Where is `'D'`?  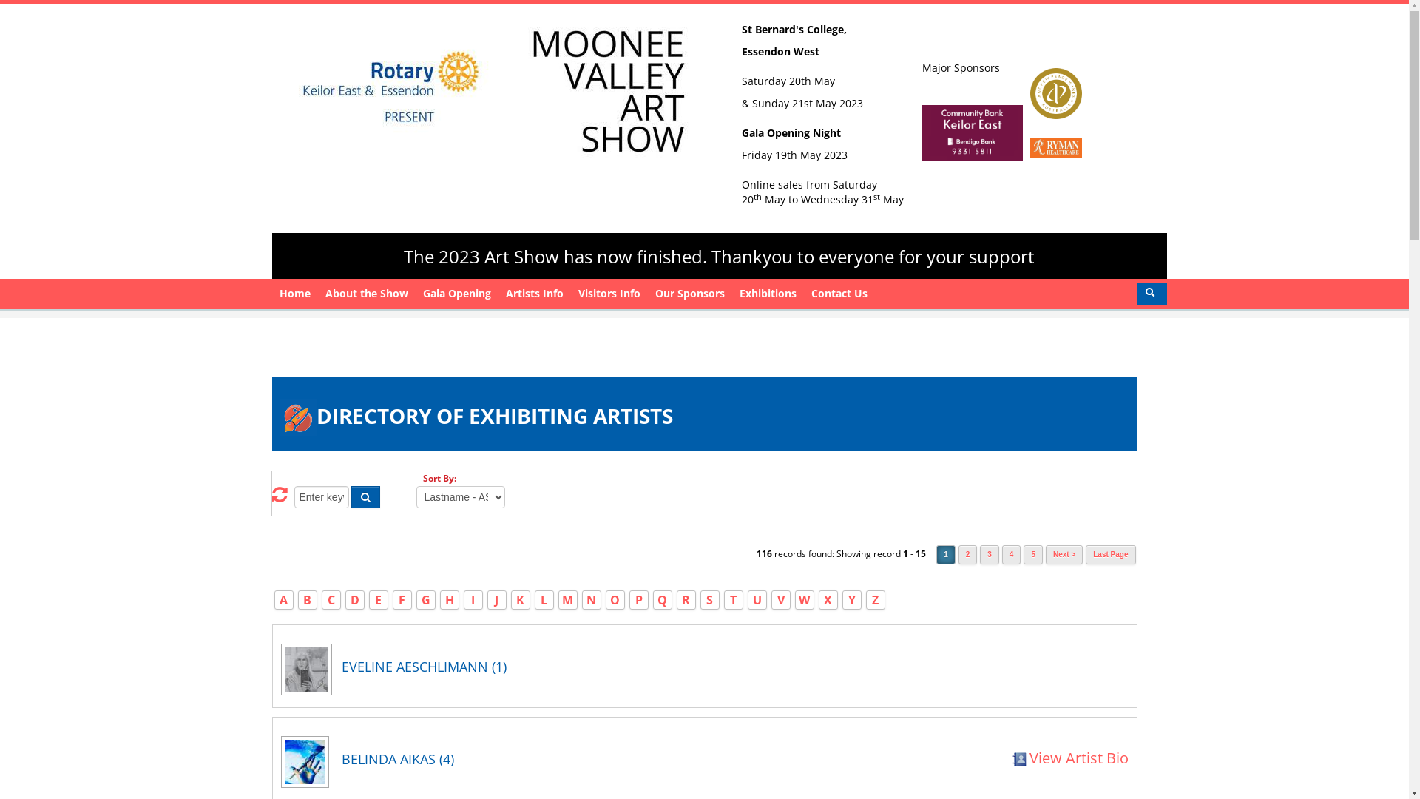
'D' is located at coordinates (355, 599).